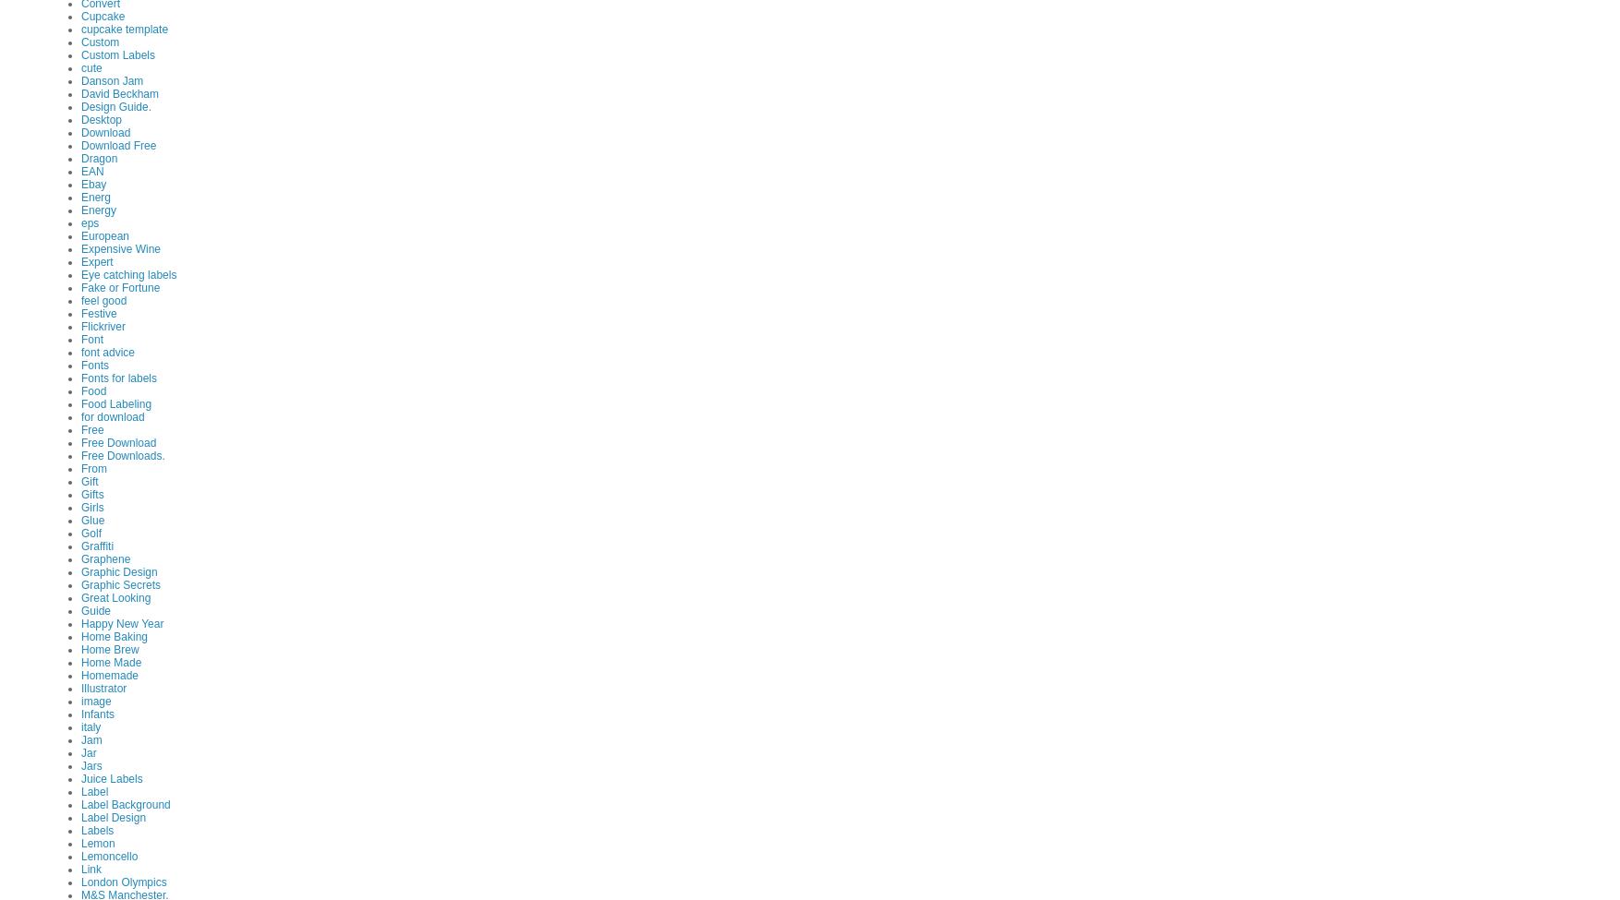  Describe the element at coordinates (108, 673) in the screenshot. I see `'Homemade'` at that location.